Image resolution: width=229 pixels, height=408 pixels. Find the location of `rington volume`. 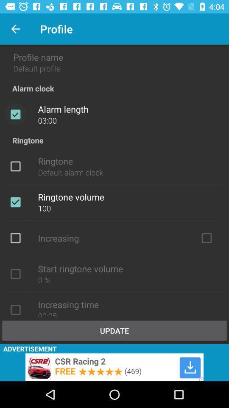

rington volume is located at coordinates (15, 273).